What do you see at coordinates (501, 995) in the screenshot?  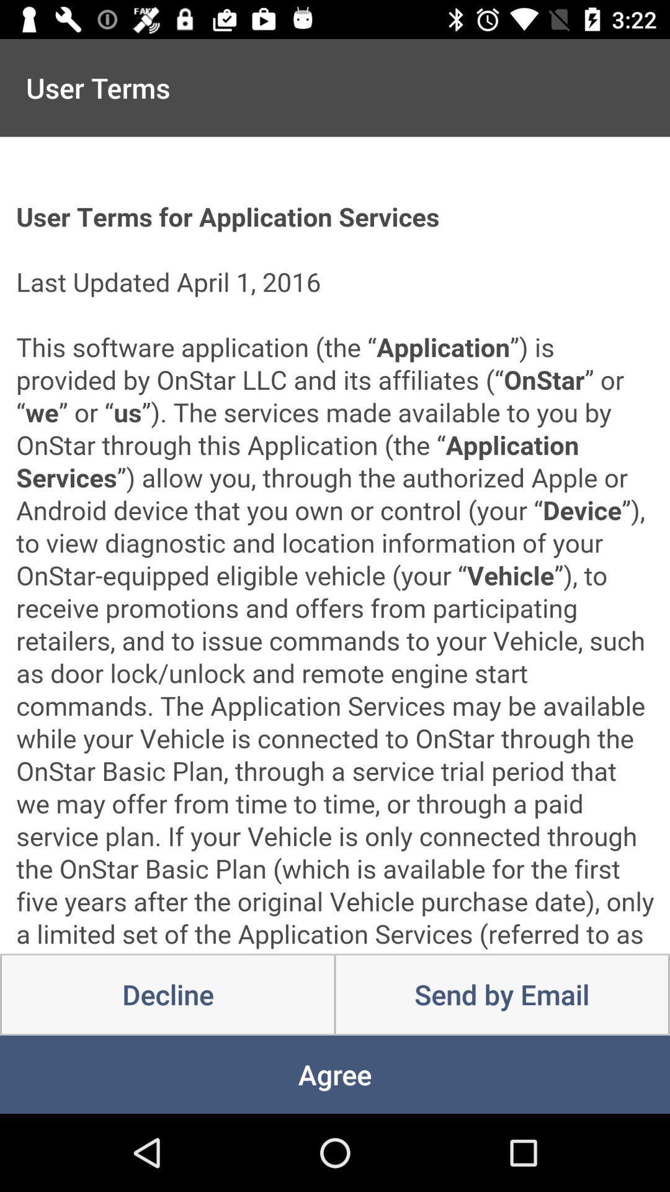 I see `the item at the bottom right corner` at bounding box center [501, 995].